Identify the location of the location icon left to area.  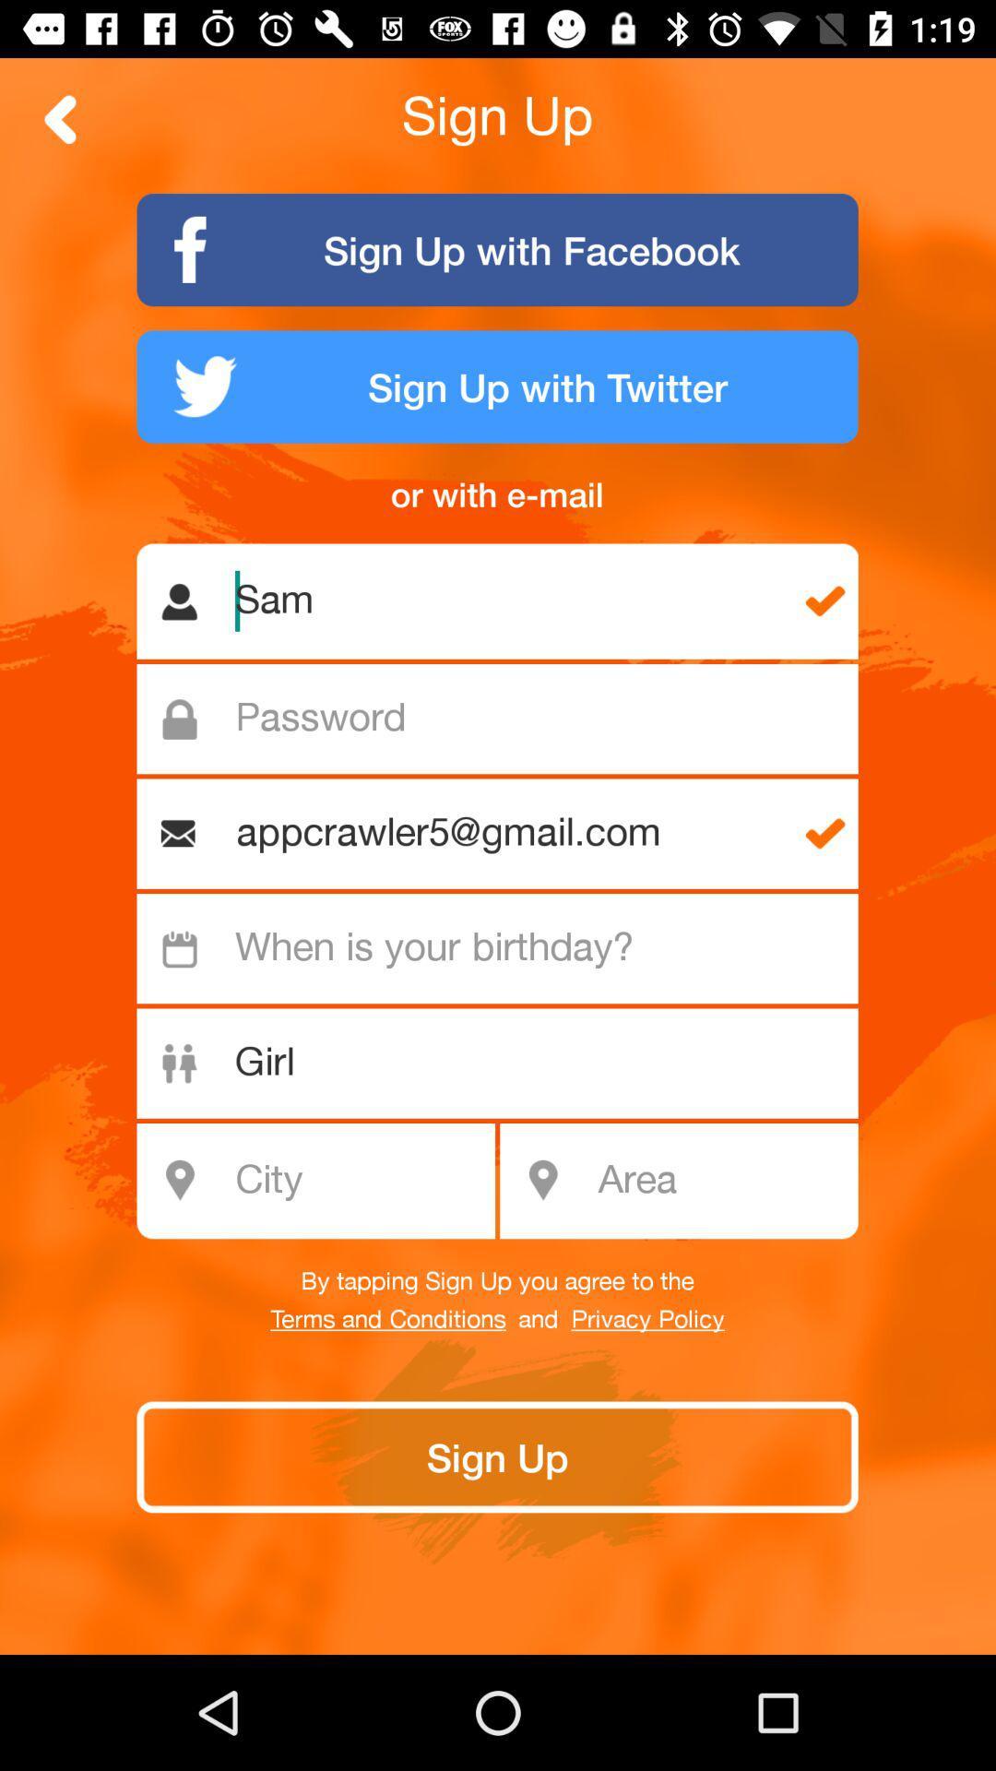
(541, 1181).